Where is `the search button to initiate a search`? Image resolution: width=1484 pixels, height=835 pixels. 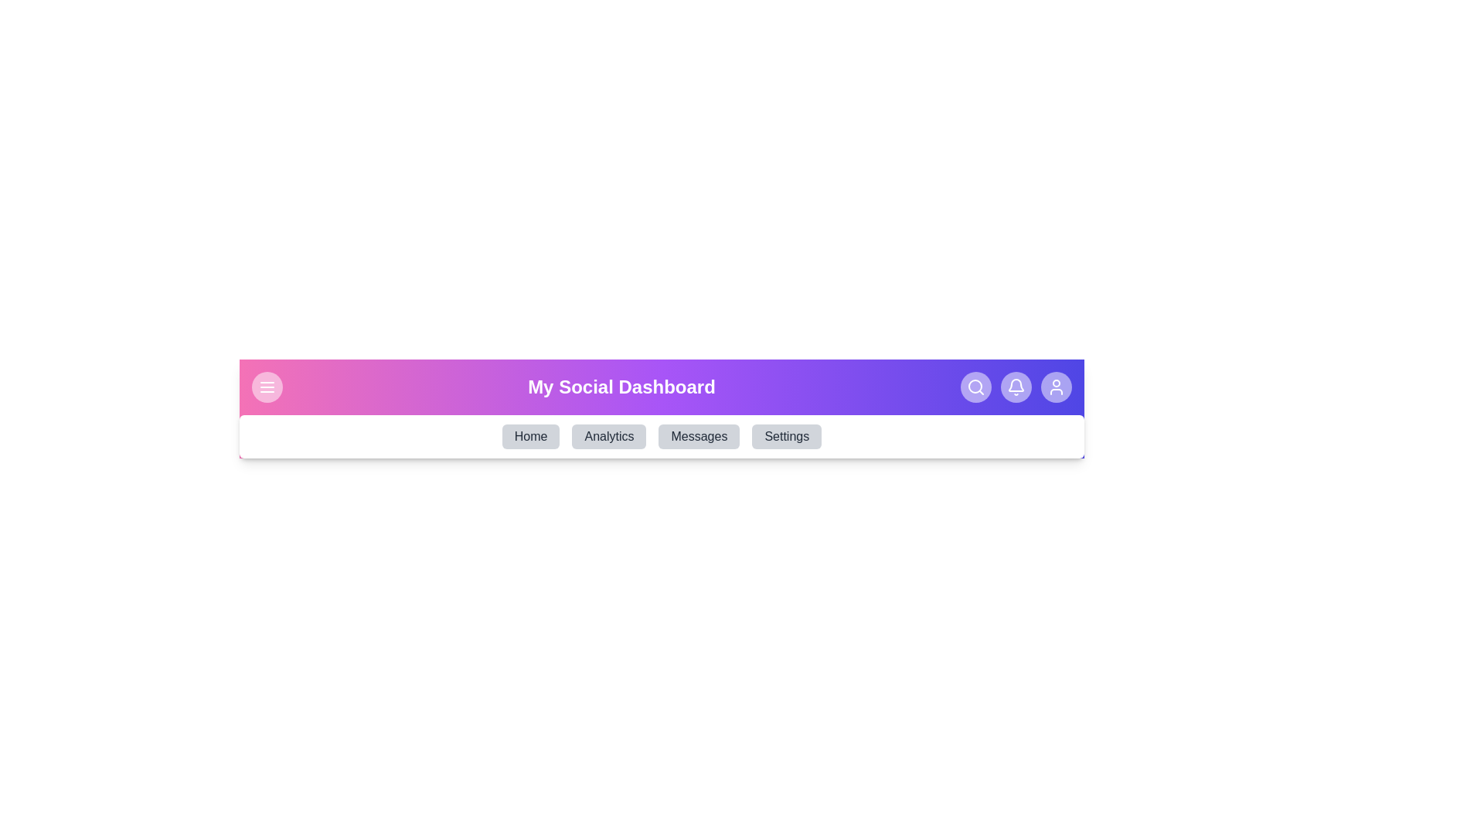 the search button to initiate a search is located at coordinates (975, 387).